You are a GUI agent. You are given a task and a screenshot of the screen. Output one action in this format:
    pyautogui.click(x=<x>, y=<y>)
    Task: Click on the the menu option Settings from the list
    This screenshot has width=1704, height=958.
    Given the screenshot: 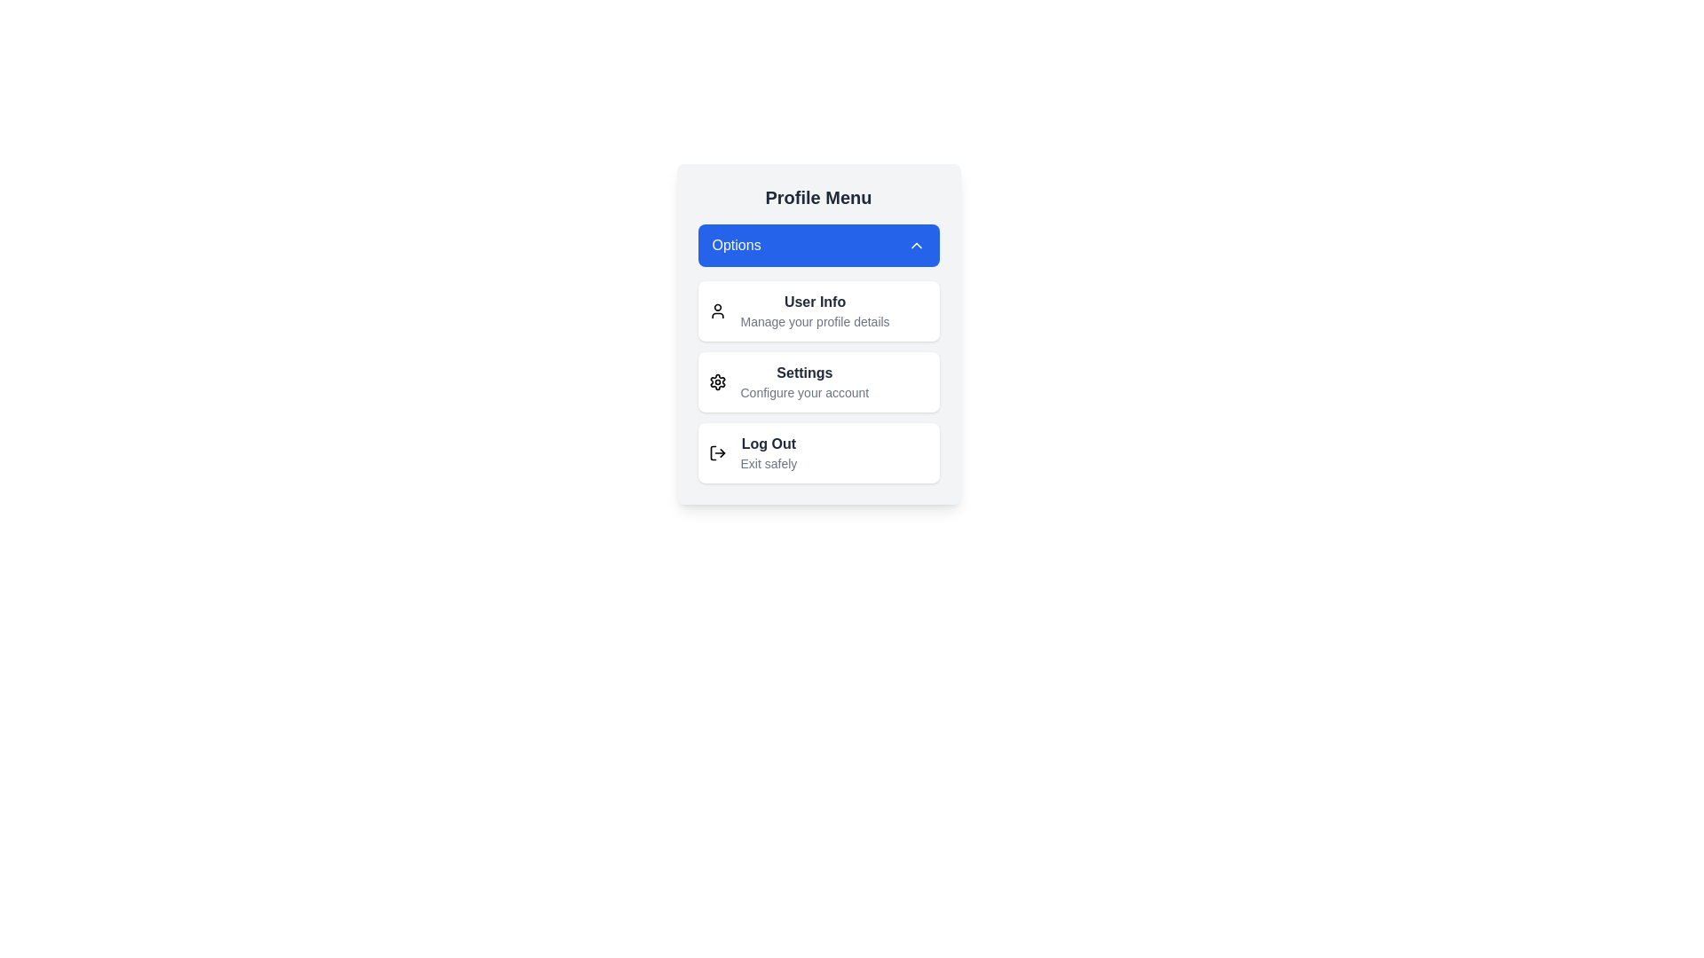 What is the action you would take?
    pyautogui.click(x=817, y=381)
    